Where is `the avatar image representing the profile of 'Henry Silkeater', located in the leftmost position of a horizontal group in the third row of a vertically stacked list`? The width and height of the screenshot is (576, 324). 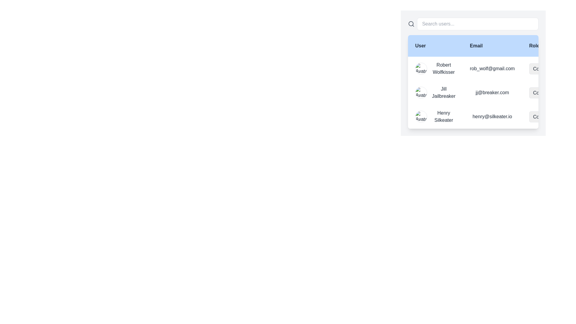
the avatar image representing the profile of 'Henry Silkeater', located in the leftmost position of a horizontal group in the third row of a vertically stacked list is located at coordinates (421, 117).